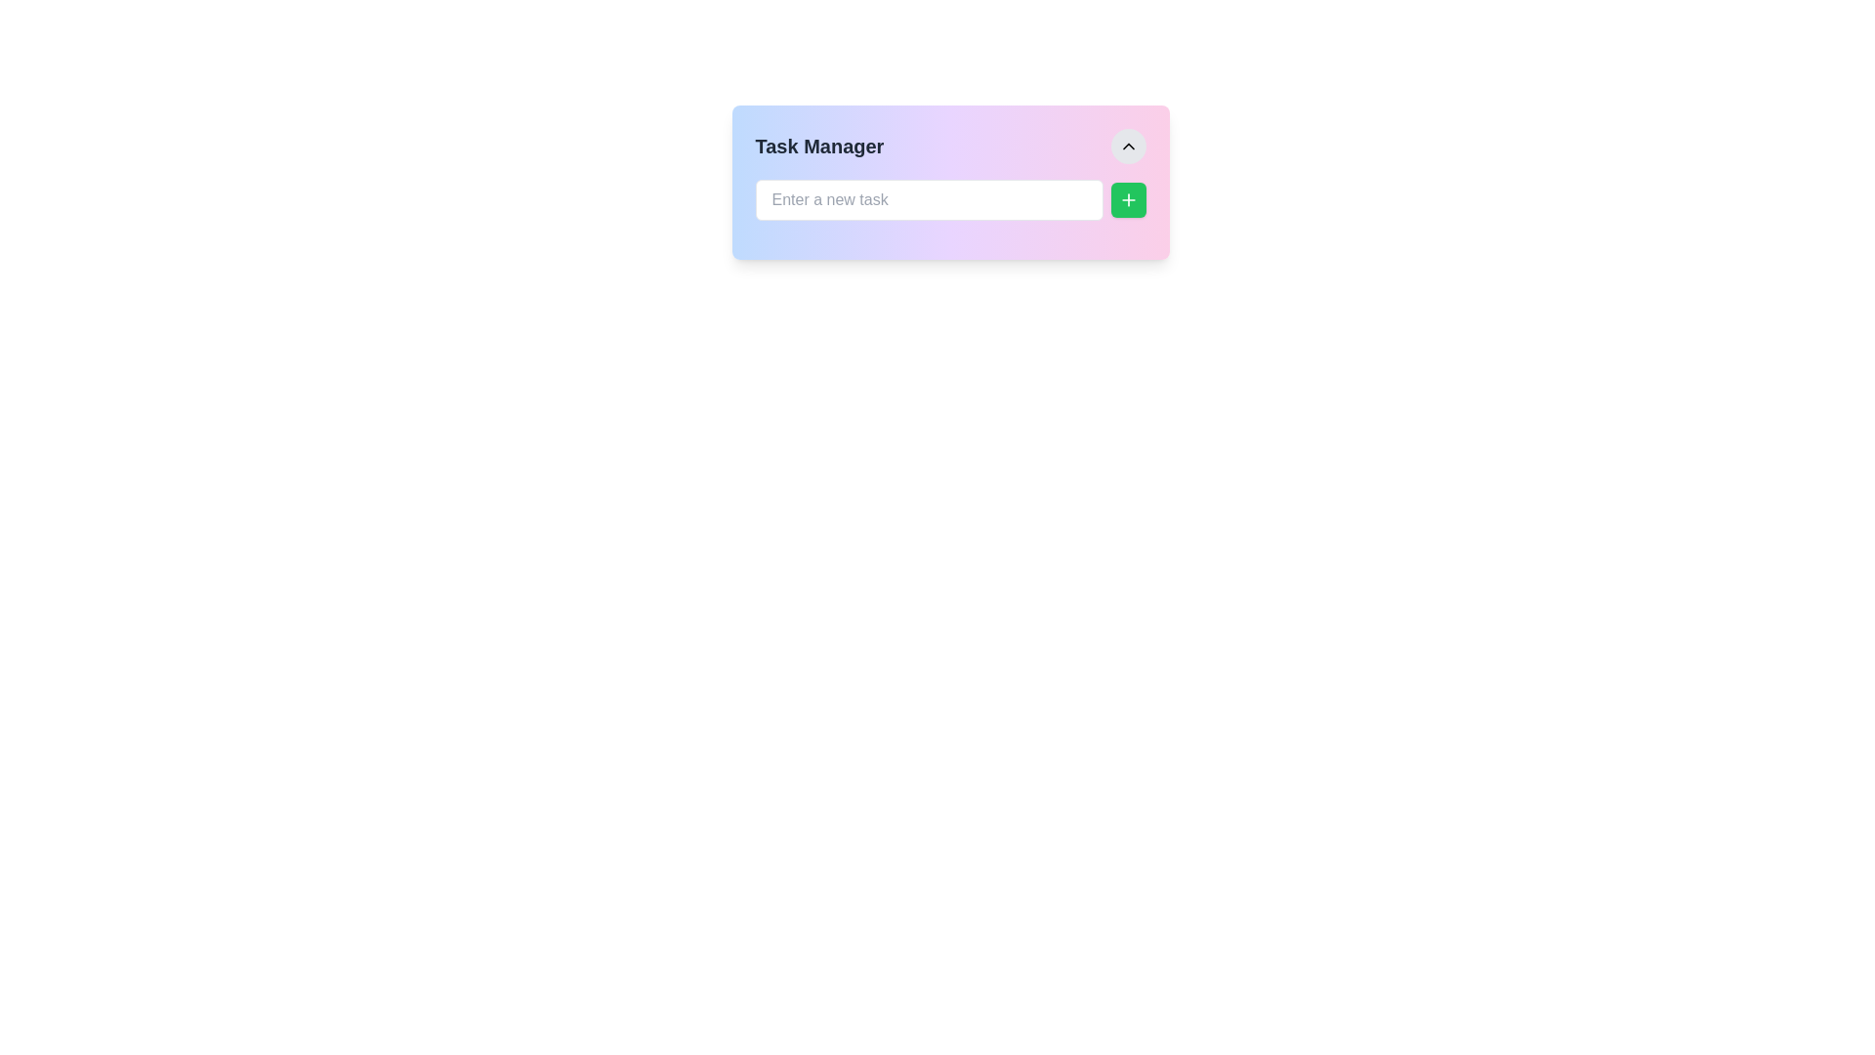 The image size is (1875, 1055). Describe the element at coordinates (1128, 146) in the screenshot. I see `the circular button with a light gray background and a chevron-up icon` at that location.